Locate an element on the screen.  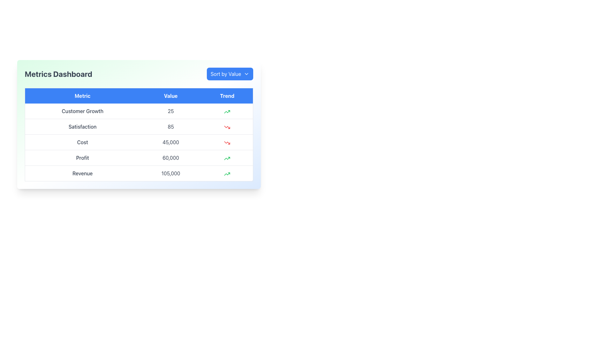
the 'Trend' label in the header row of the metrics dashboard table, which is the third item following 'Metric' and 'Value' is located at coordinates (227, 96).